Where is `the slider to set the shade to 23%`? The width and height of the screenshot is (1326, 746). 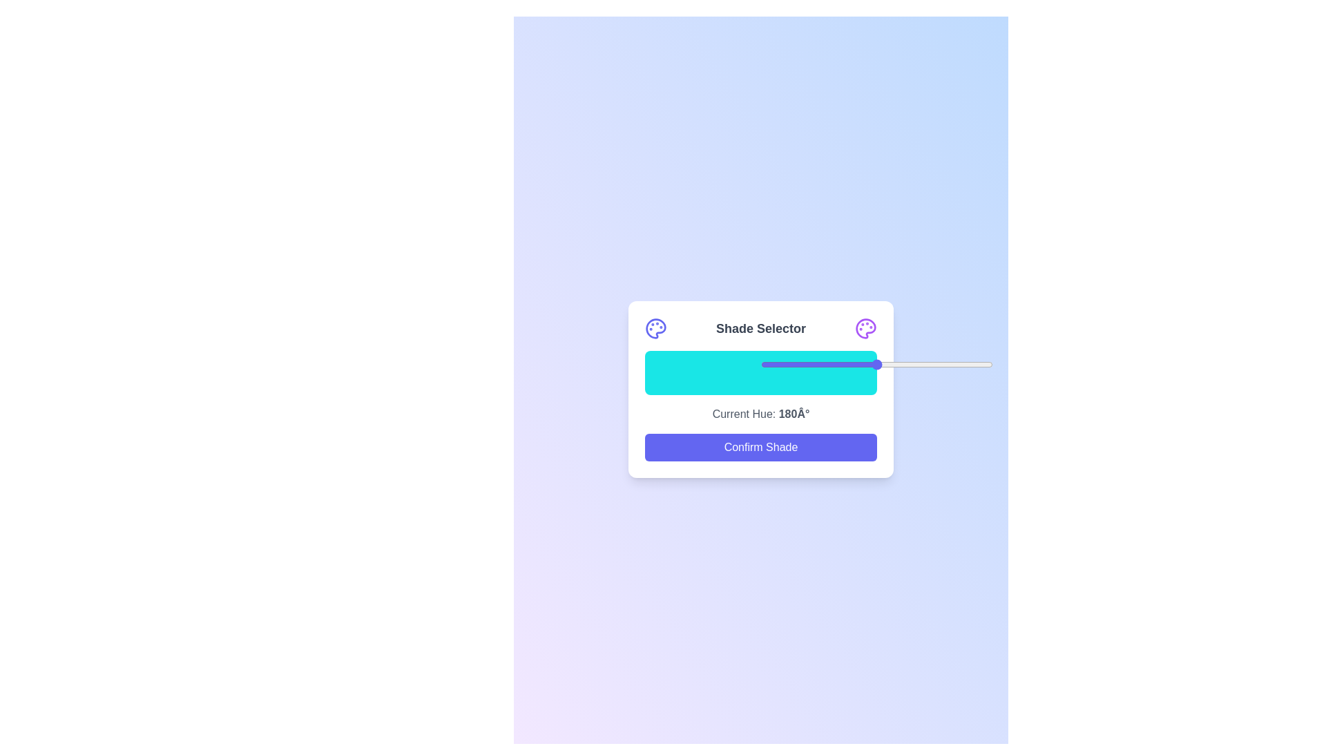 the slider to set the shade to 23% is located at coordinates (814, 364).